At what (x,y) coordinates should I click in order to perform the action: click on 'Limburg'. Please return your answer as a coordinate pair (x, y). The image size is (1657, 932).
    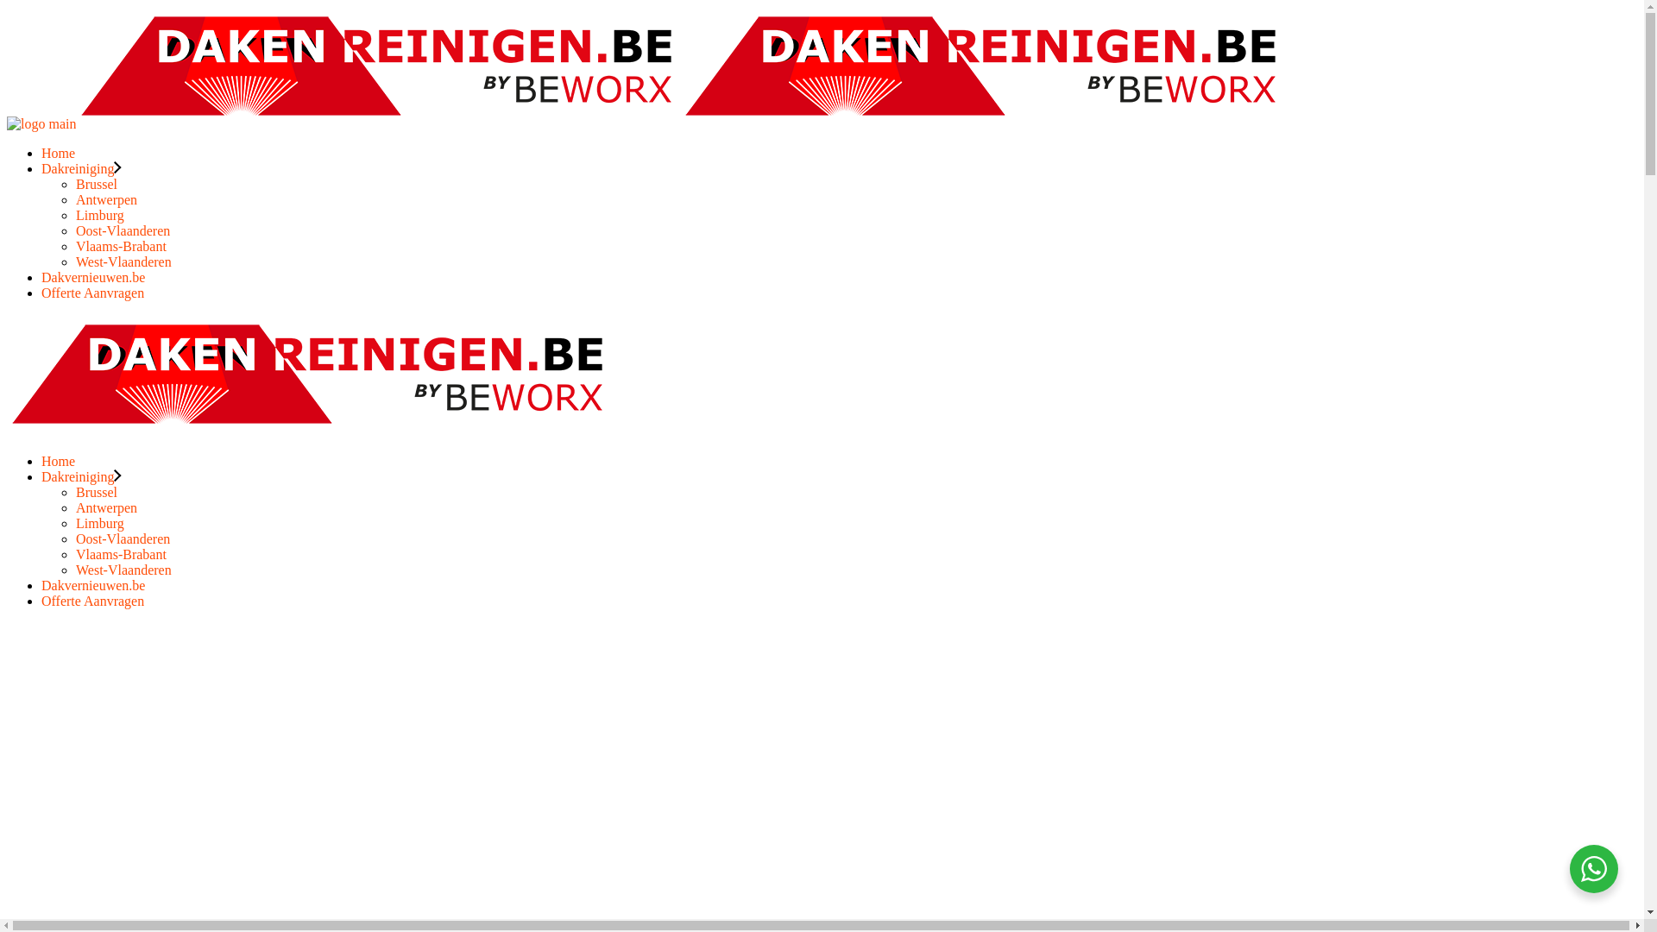
    Looking at the image, I should click on (98, 522).